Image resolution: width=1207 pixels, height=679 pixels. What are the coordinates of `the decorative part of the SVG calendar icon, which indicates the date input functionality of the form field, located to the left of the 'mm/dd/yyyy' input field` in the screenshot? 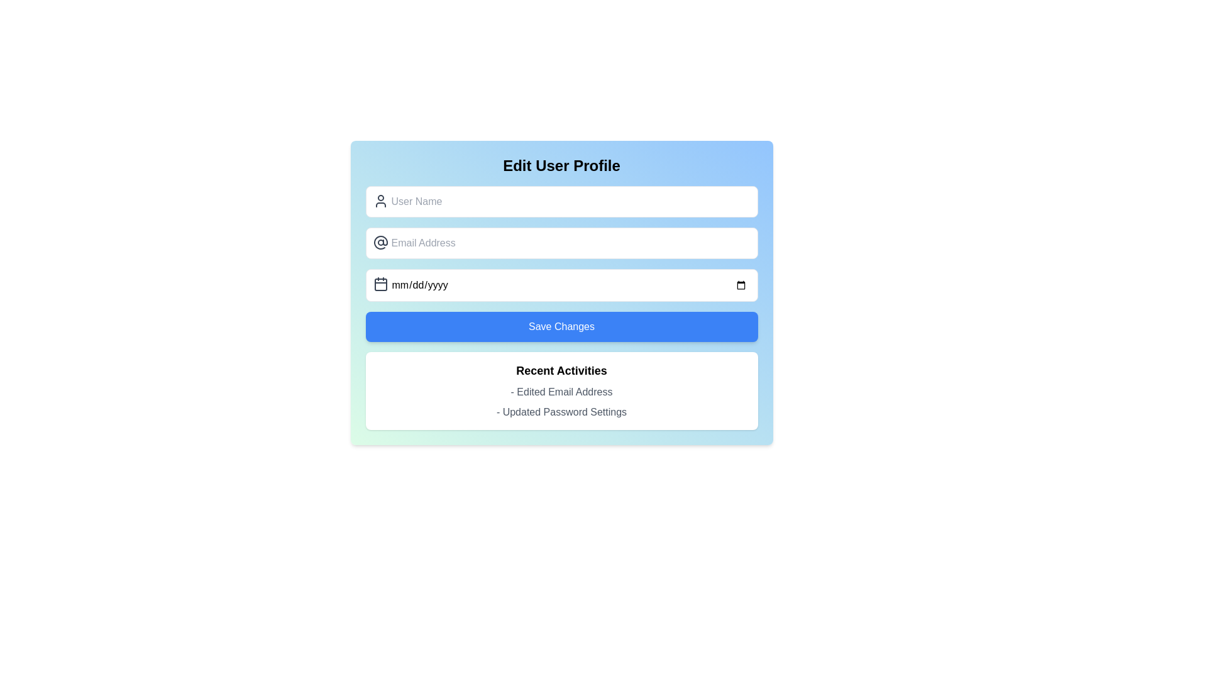 It's located at (380, 284).